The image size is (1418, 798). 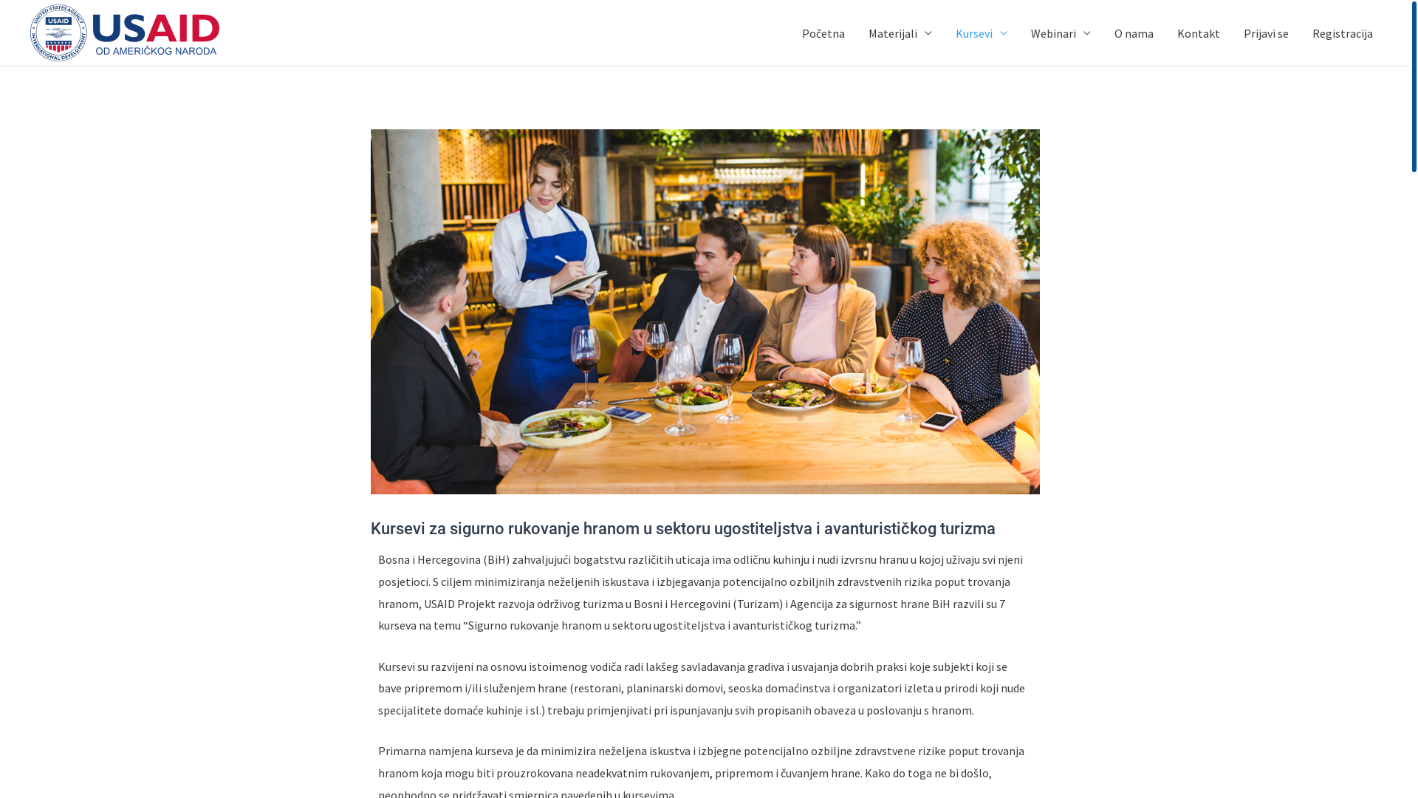 I want to click on 'Registracija', so click(x=1343, y=32).